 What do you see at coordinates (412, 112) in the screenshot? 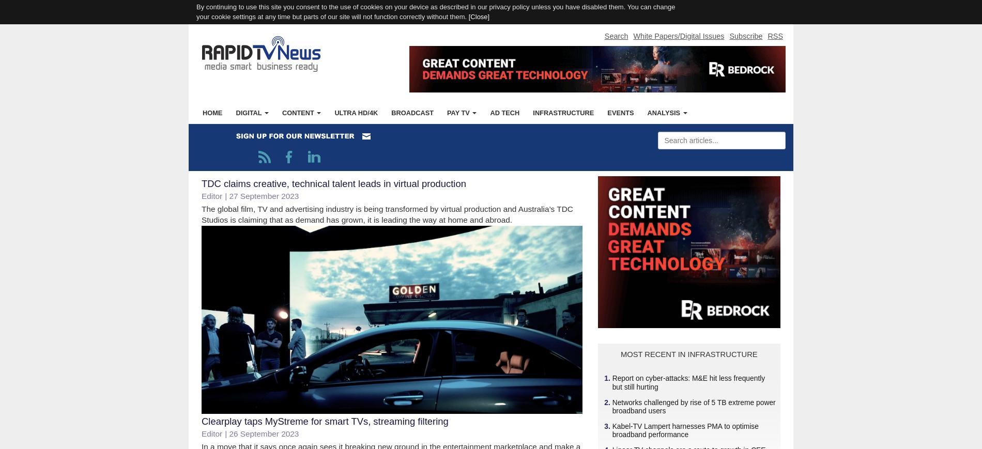
I see `'Broadcast'` at bounding box center [412, 112].